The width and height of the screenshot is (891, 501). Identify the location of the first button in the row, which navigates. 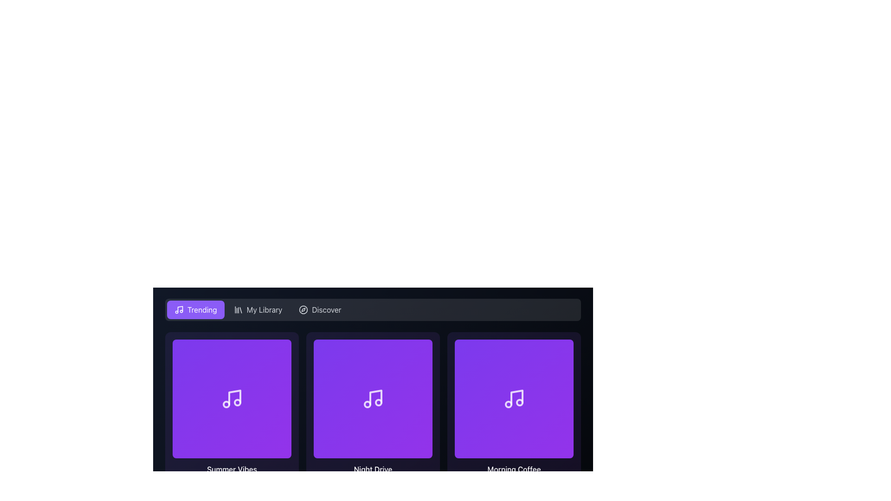
(195, 309).